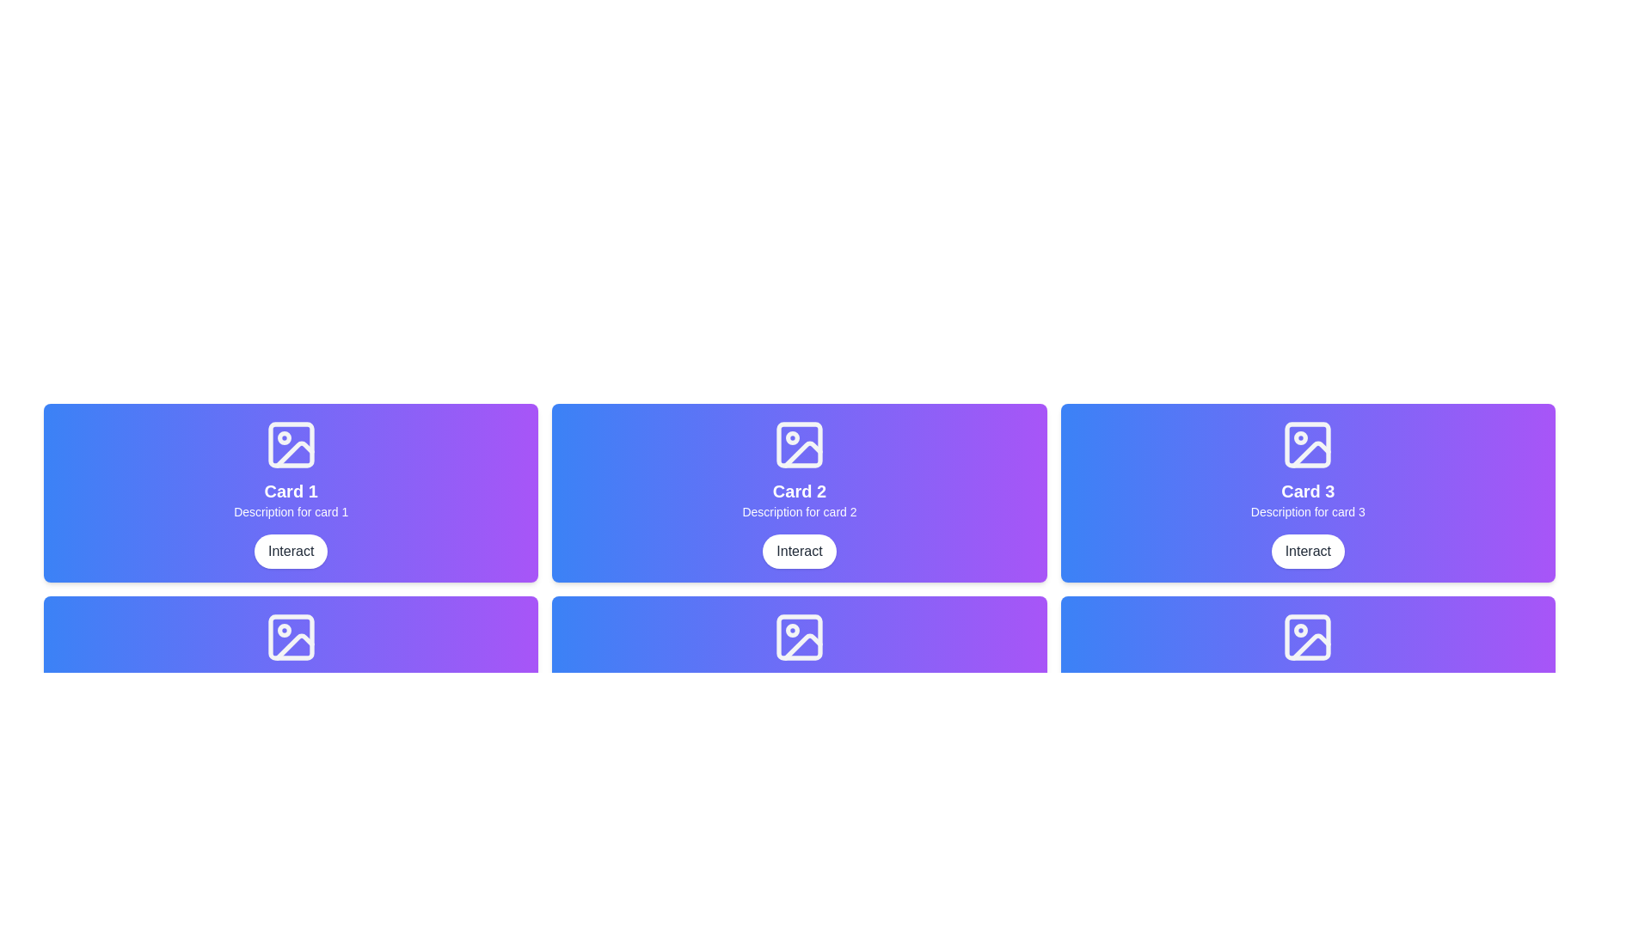 The image size is (1651, 928). Describe the element at coordinates (1307, 500) in the screenshot. I see `the text segment displaying 'Card 3' in bold, which is located in the middle of the third card with a gradient background from blue to purple, above the button labeled 'Interact'` at that location.